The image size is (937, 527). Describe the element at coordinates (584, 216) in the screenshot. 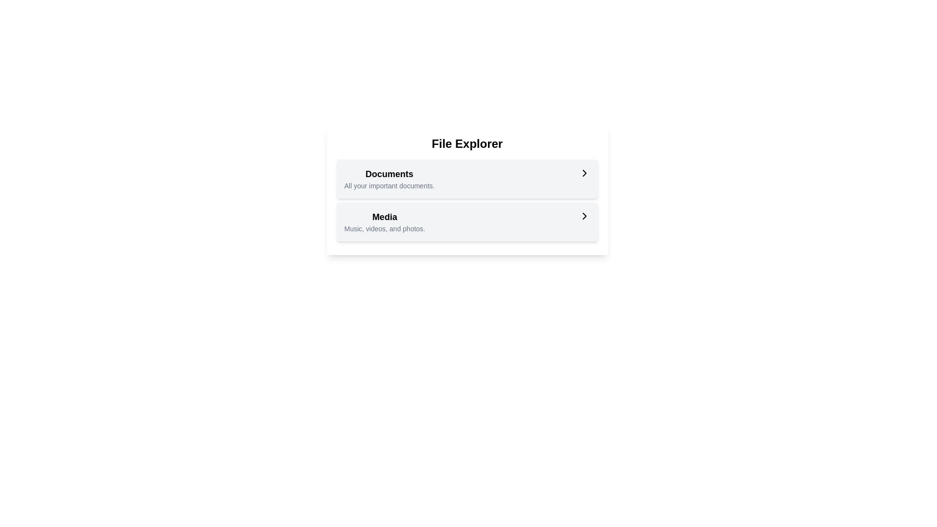

I see `the right-pointing chevron icon located at the far-right side of the 'Media' section in the 'File Explorer' interface` at that location.